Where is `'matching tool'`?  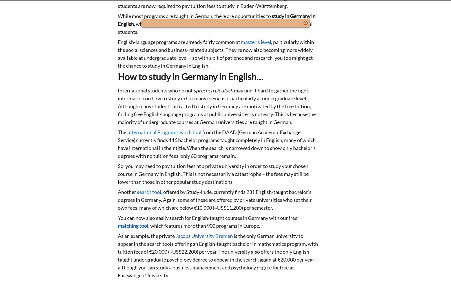
'matching tool' is located at coordinates (133, 225).